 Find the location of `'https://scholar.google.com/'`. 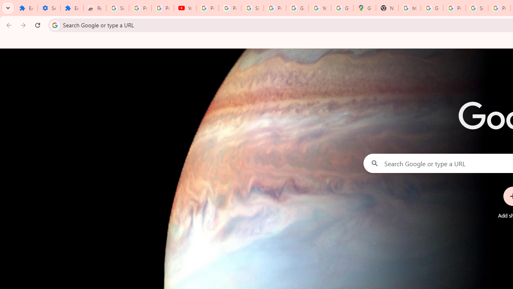

'https://scholar.google.com/' is located at coordinates (410, 8).